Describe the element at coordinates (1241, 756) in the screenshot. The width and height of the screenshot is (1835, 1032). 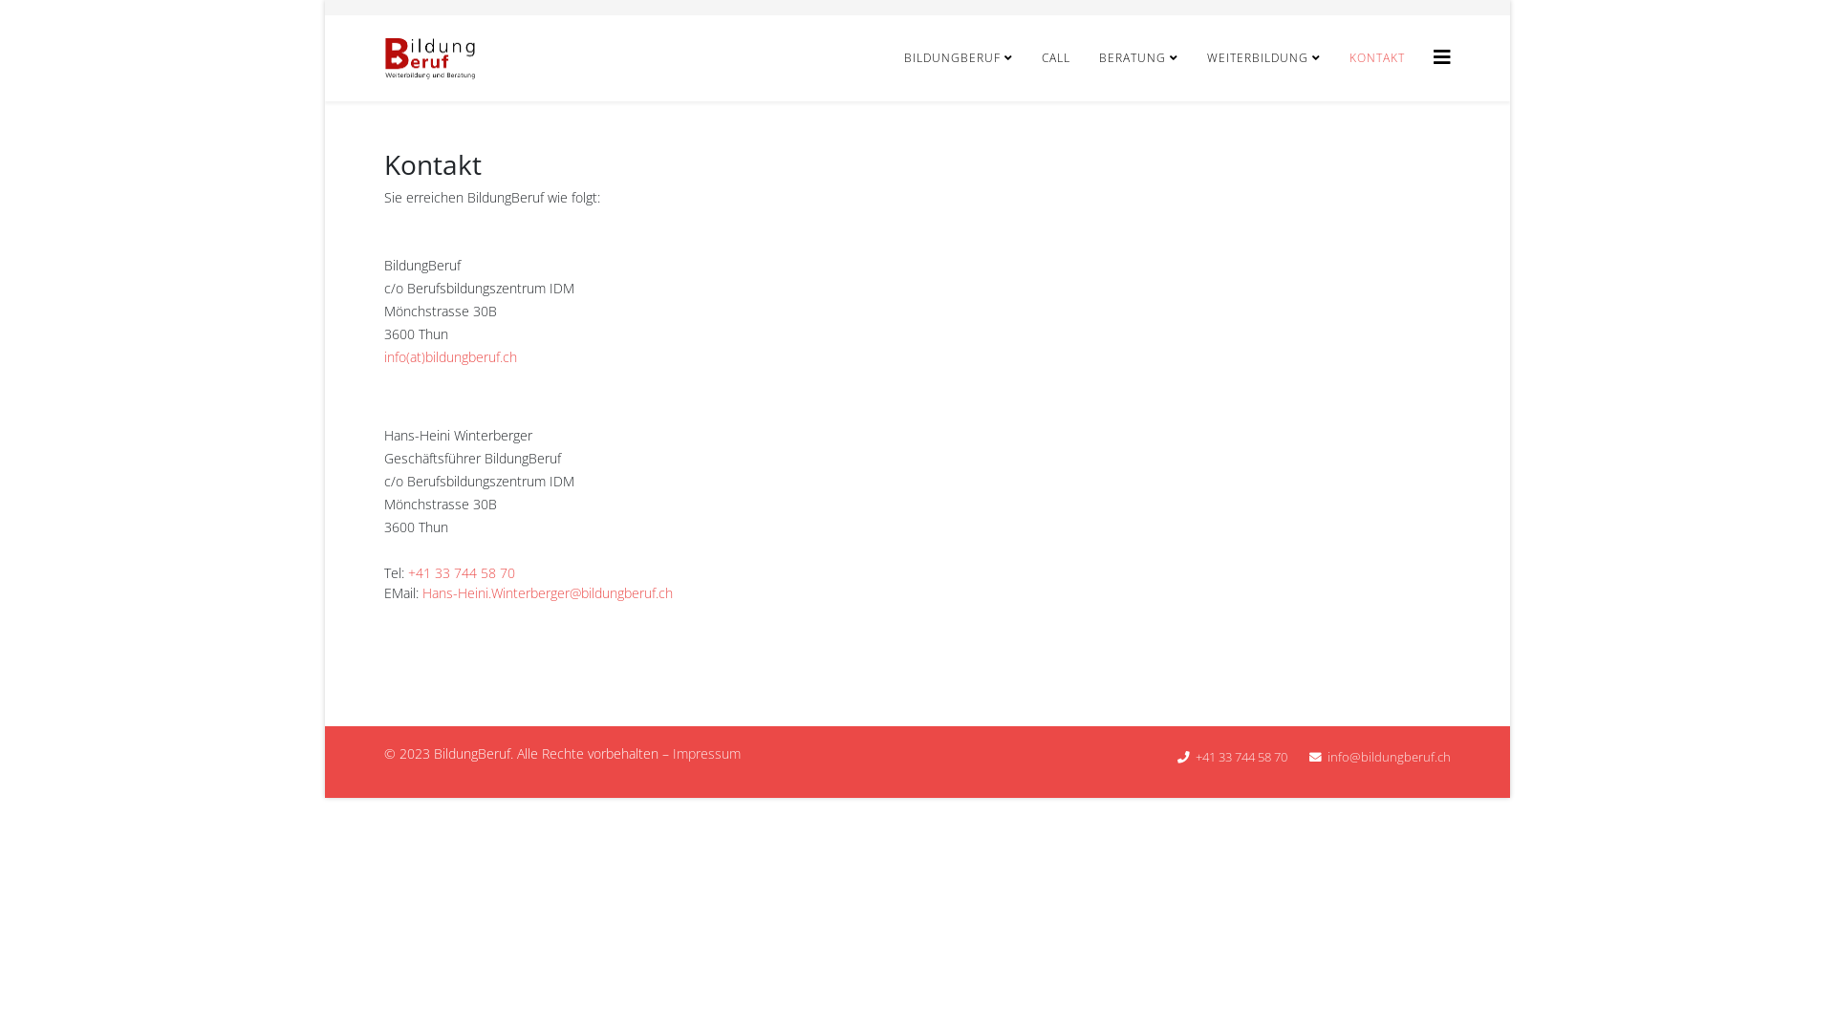
I see `'+41 33 744 58 70'` at that location.